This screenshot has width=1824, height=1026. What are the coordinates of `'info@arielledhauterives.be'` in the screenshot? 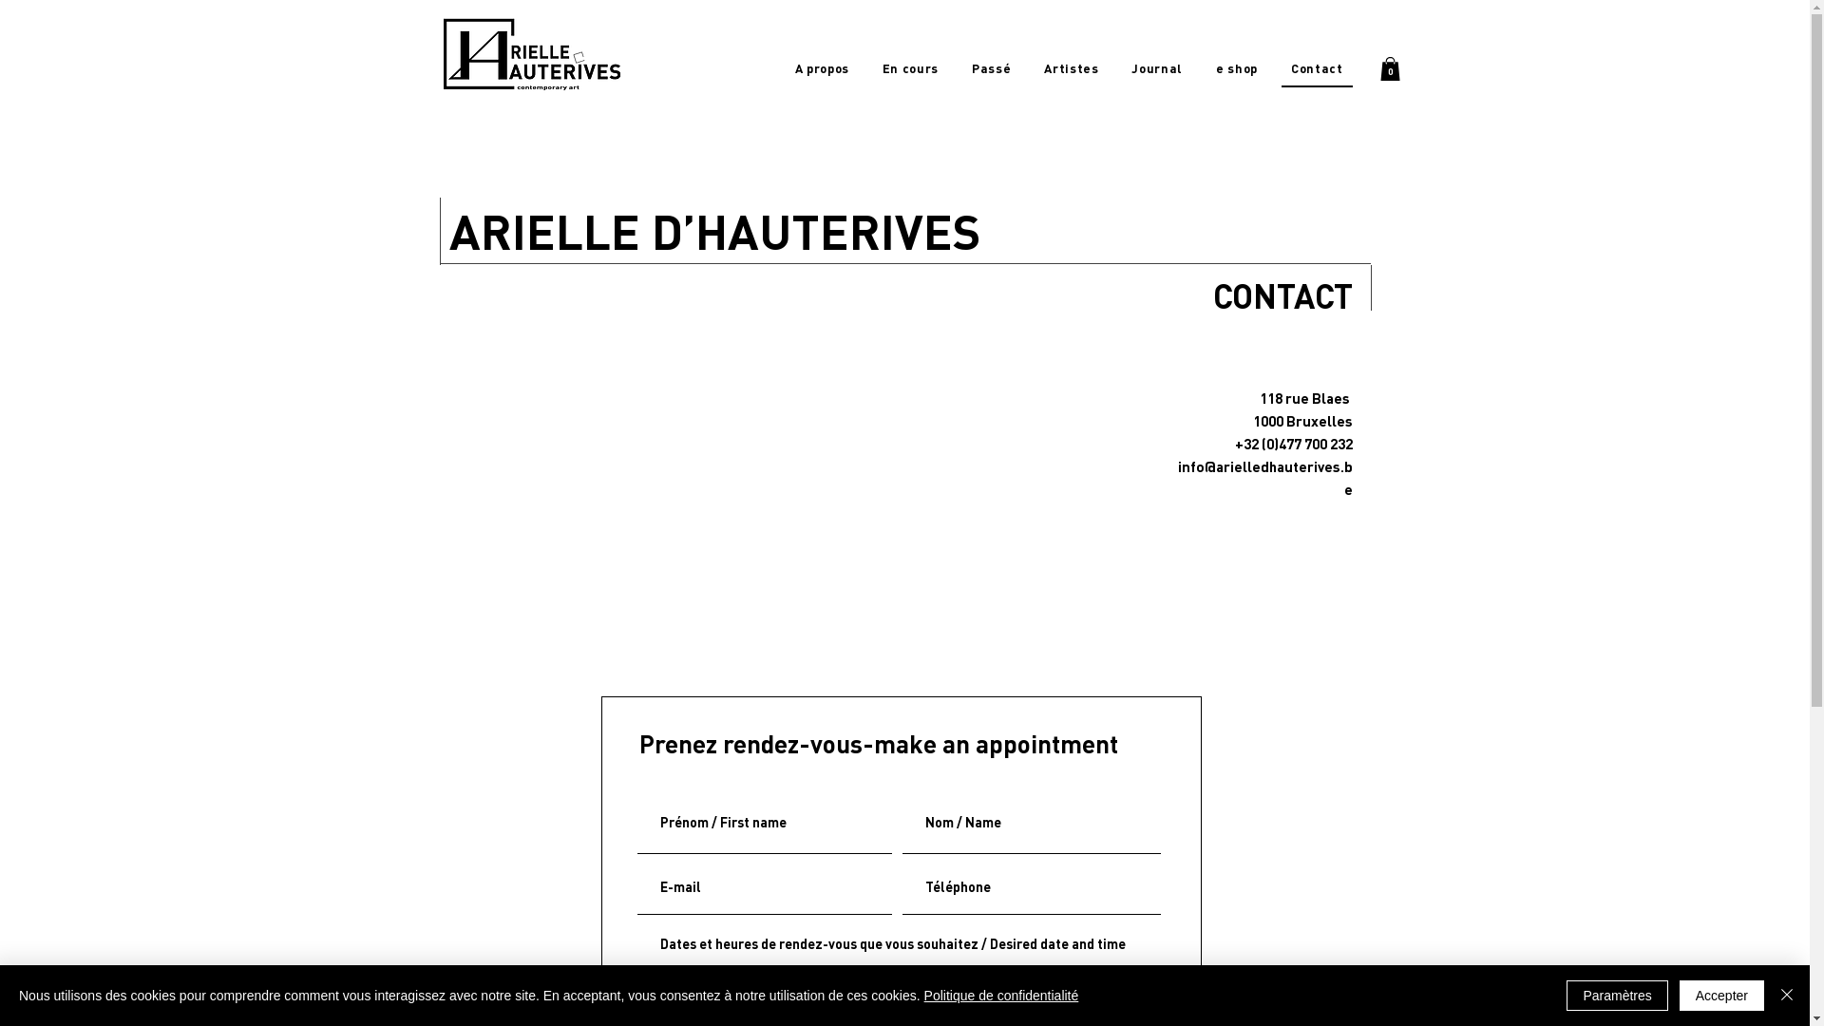 It's located at (1265, 476).